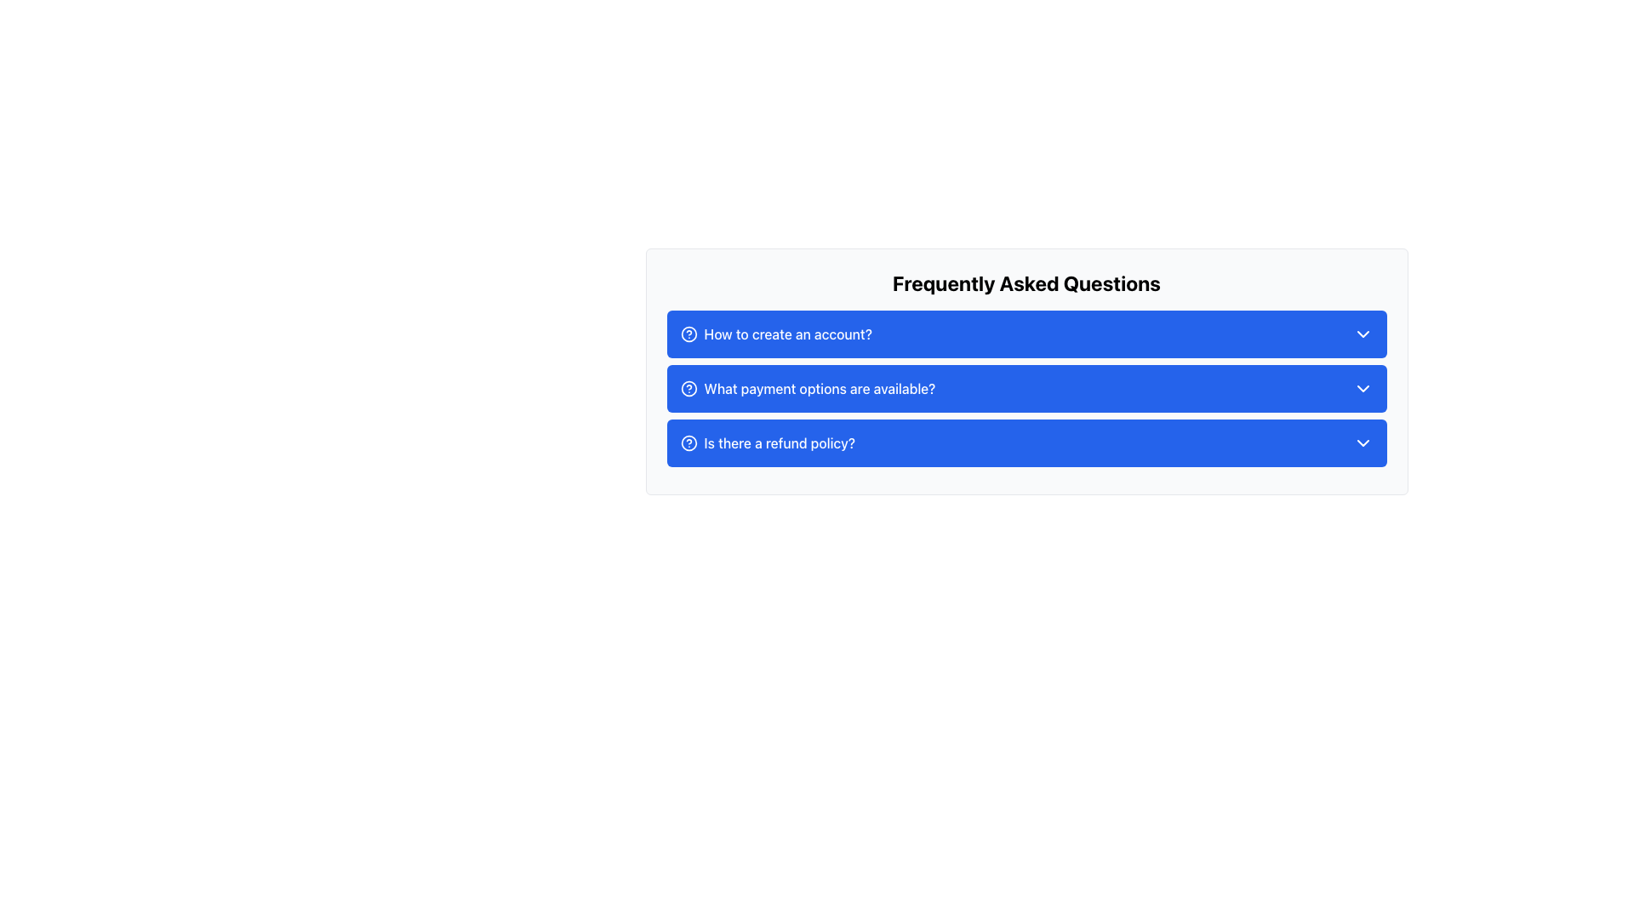 The image size is (1634, 919). Describe the element at coordinates (688, 442) in the screenshot. I see `the circular outline within the question mark icon that is part of the third item in the FAQ list, located to the left of the text 'Is there a refund policy?'` at that location.